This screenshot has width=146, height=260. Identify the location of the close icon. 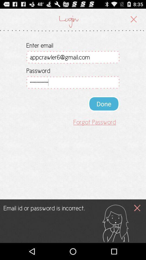
(134, 20).